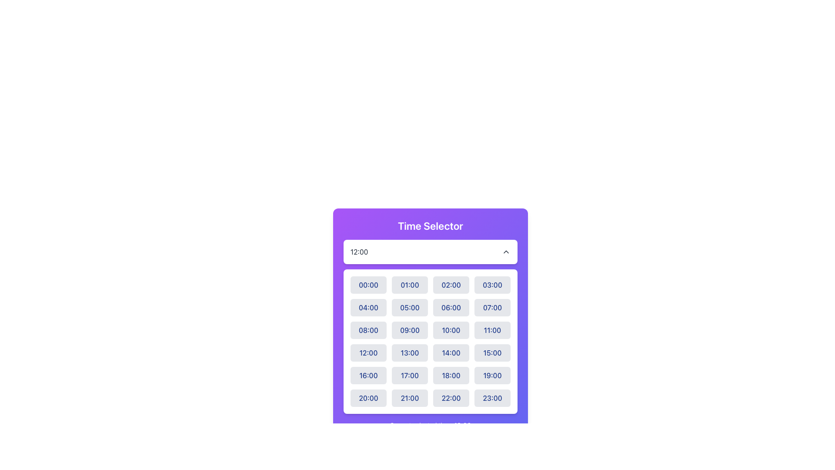  I want to click on the button located in the fifth row and first column of the time selection grid, so click(368, 398).